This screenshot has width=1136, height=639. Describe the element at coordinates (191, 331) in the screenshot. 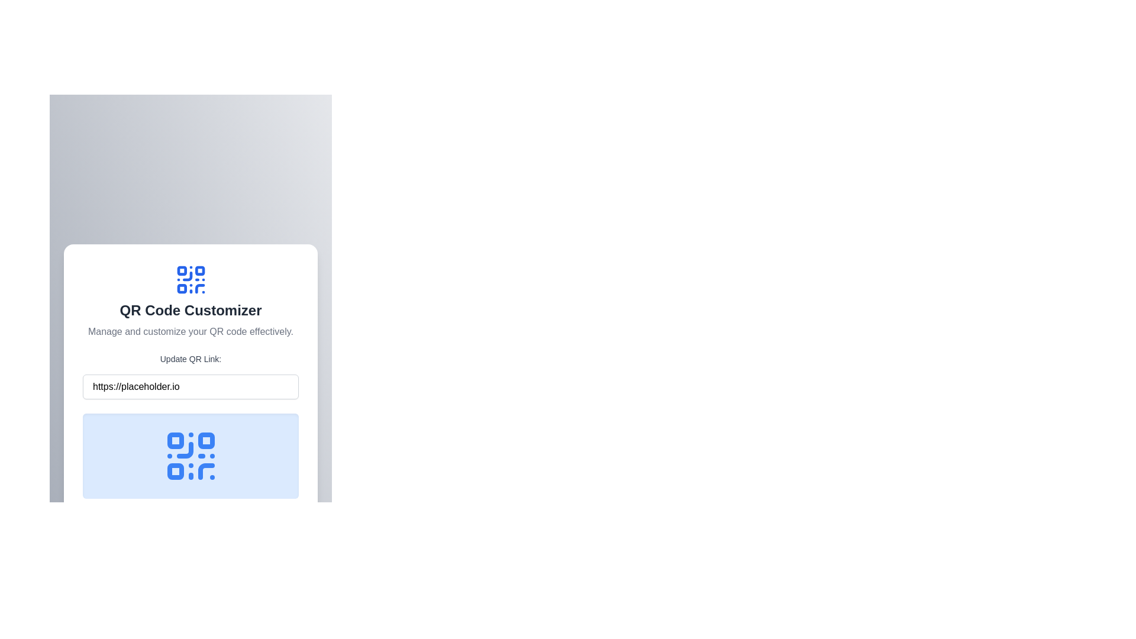

I see `the static text element that provides guidance about the QR code customizer section, located below the title 'QR Code Customizer' and above the input field 'Update QR Link'` at that location.